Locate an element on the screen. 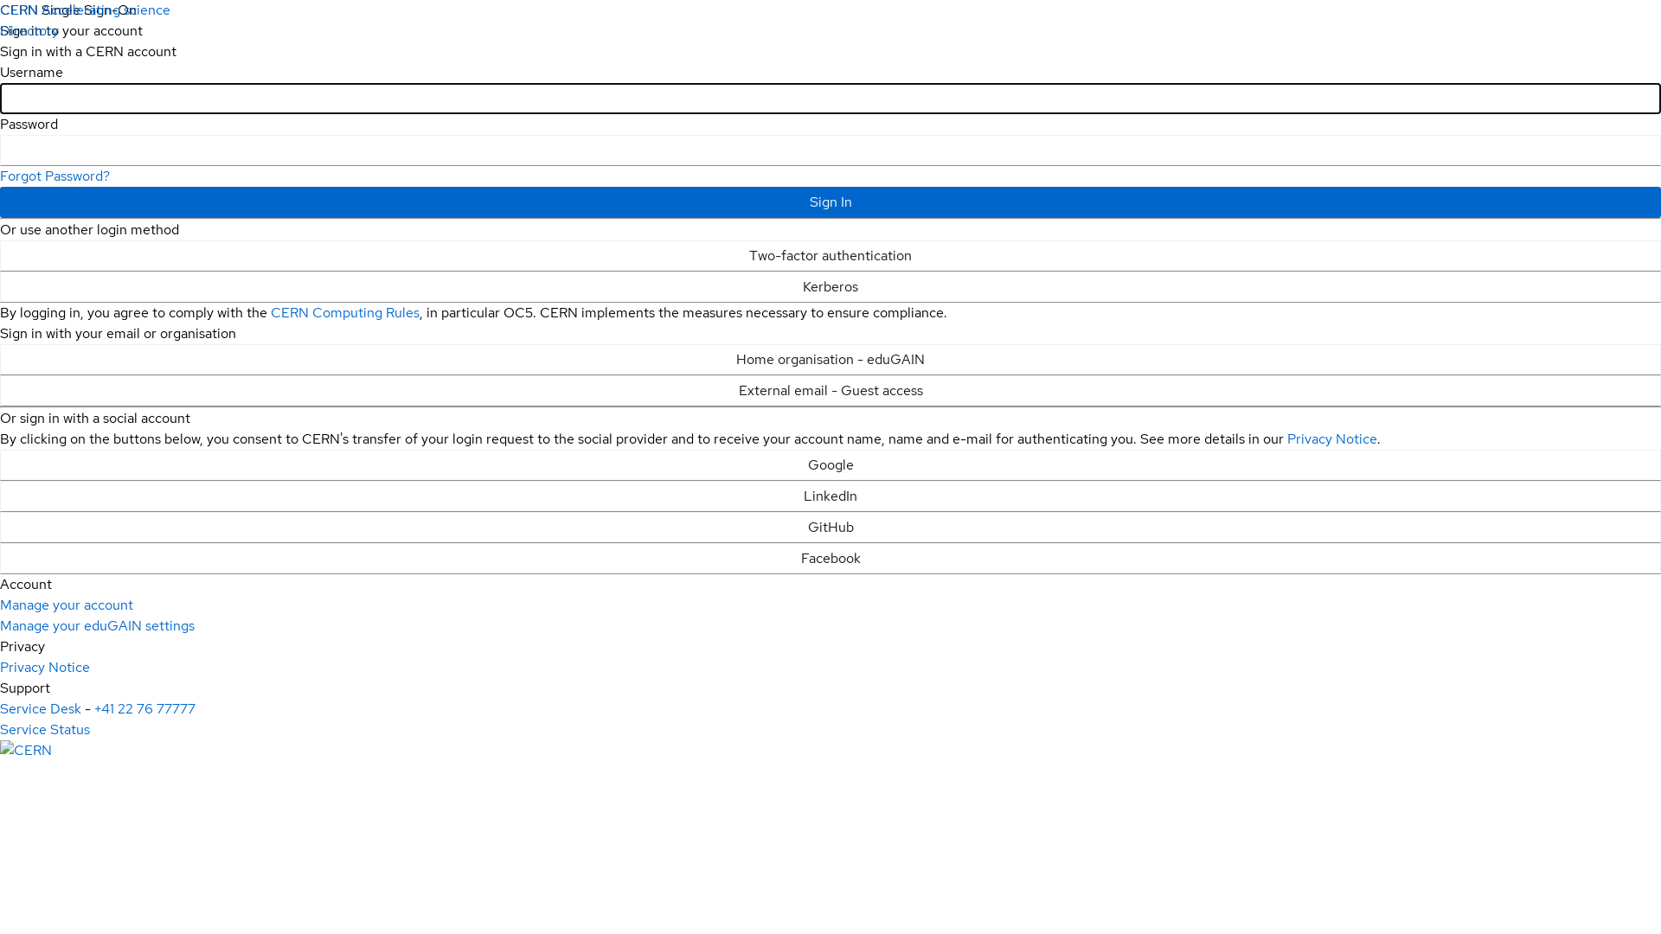 Image resolution: width=1661 pixels, height=934 pixels. 'CERN Accelerating science' is located at coordinates (84, 10).